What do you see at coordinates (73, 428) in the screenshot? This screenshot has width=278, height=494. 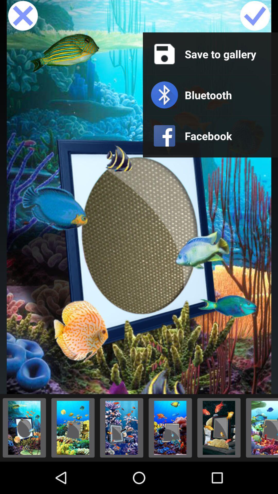 I see `wallpaper image` at bounding box center [73, 428].